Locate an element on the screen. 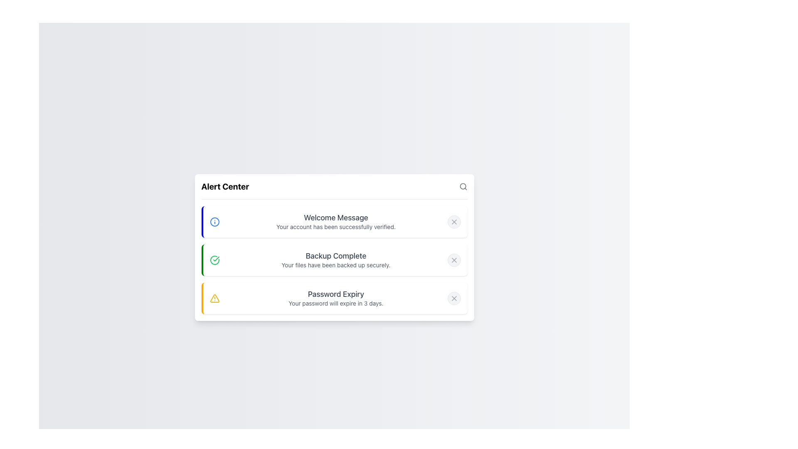  the circular icon with a blue outline located on the left side of the 'Welcome Message' notification is located at coordinates (214, 221).